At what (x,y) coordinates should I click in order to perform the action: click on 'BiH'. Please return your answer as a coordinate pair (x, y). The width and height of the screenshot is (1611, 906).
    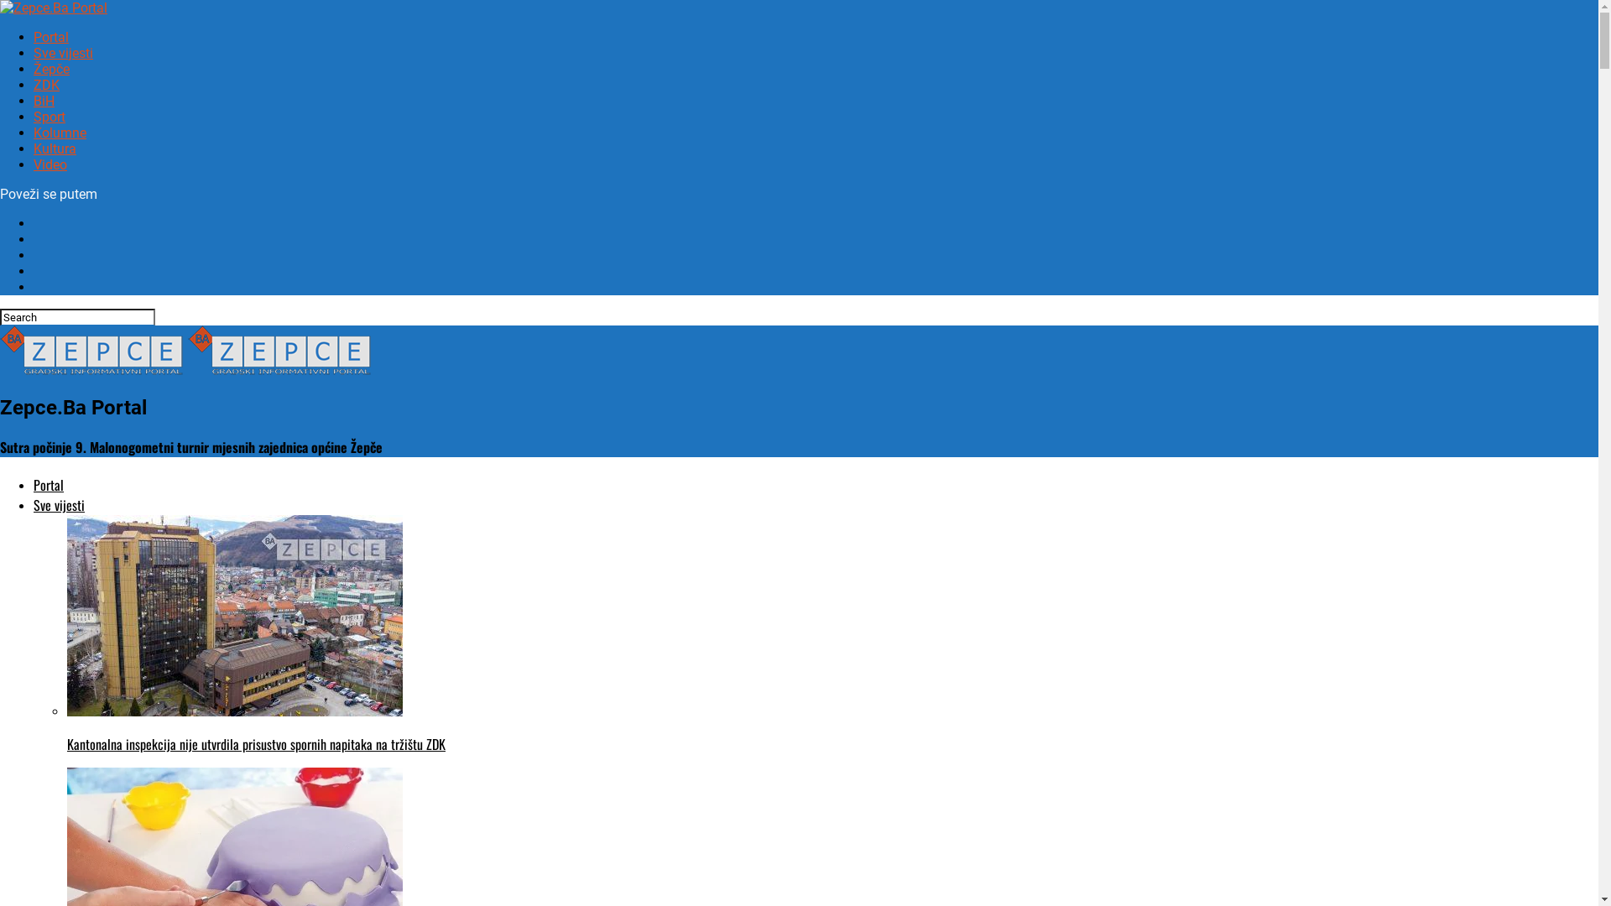
    Looking at the image, I should click on (44, 101).